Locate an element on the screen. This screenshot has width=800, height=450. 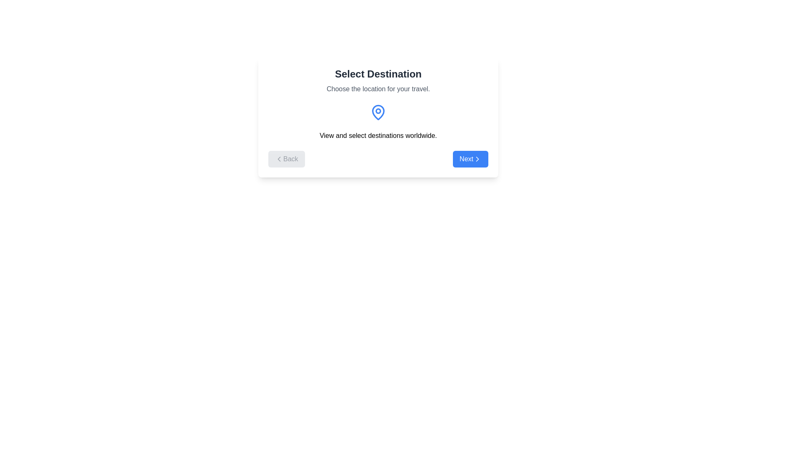
instructions provided in the dialog box titled 'Select Destination', which contains a subtitle and additional text about choosing travel locations is located at coordinates (377, 117).